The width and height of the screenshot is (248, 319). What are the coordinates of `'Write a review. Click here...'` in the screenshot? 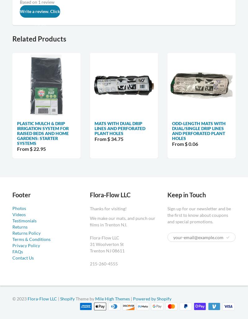 It's located at (40, 17).